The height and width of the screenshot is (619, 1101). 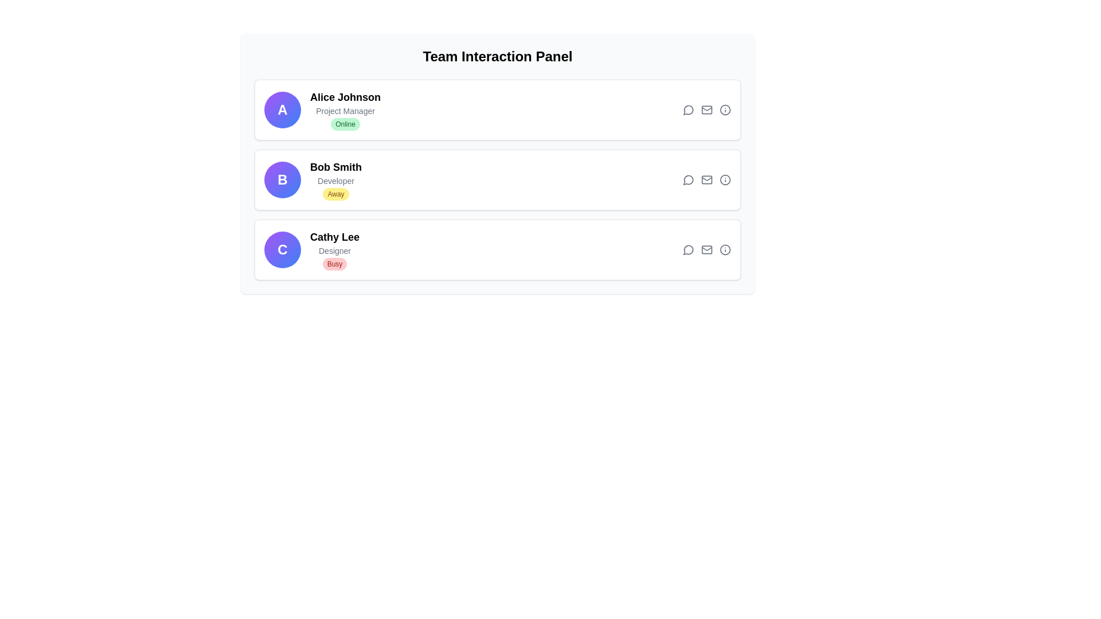 What do you see at coordinates (335, 181) in the screenshot?
I see `the static text displaying the job title of 'Bob Smith' in the user listing interface` at bounding box center [335, 181].